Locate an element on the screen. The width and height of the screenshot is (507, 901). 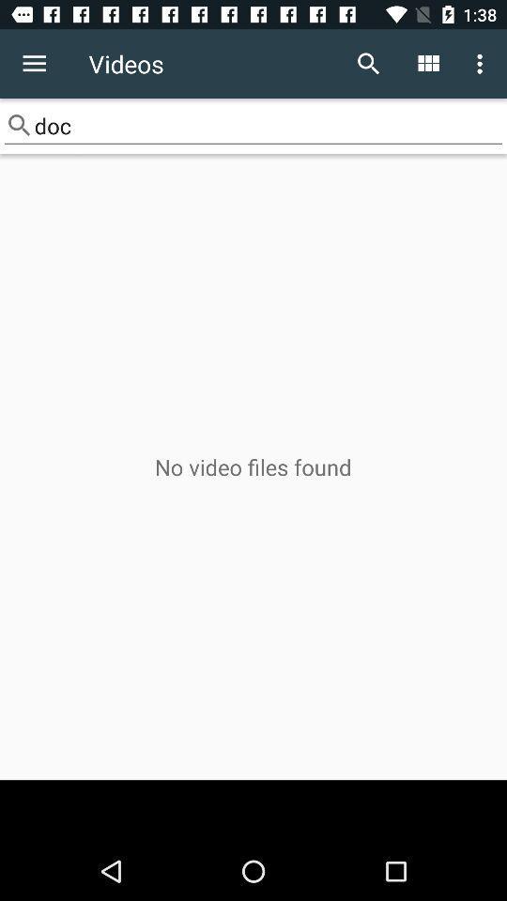
the icon above doc is located at coordinates (427, 64).